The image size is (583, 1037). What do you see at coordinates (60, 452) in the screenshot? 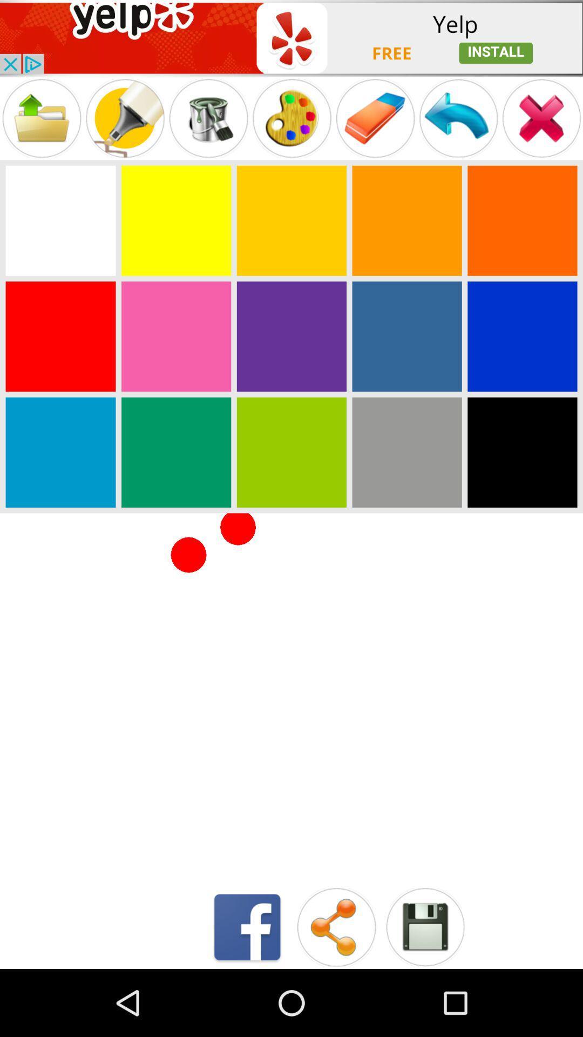
I see `choose blue color button` at bounding box center [60, 452].